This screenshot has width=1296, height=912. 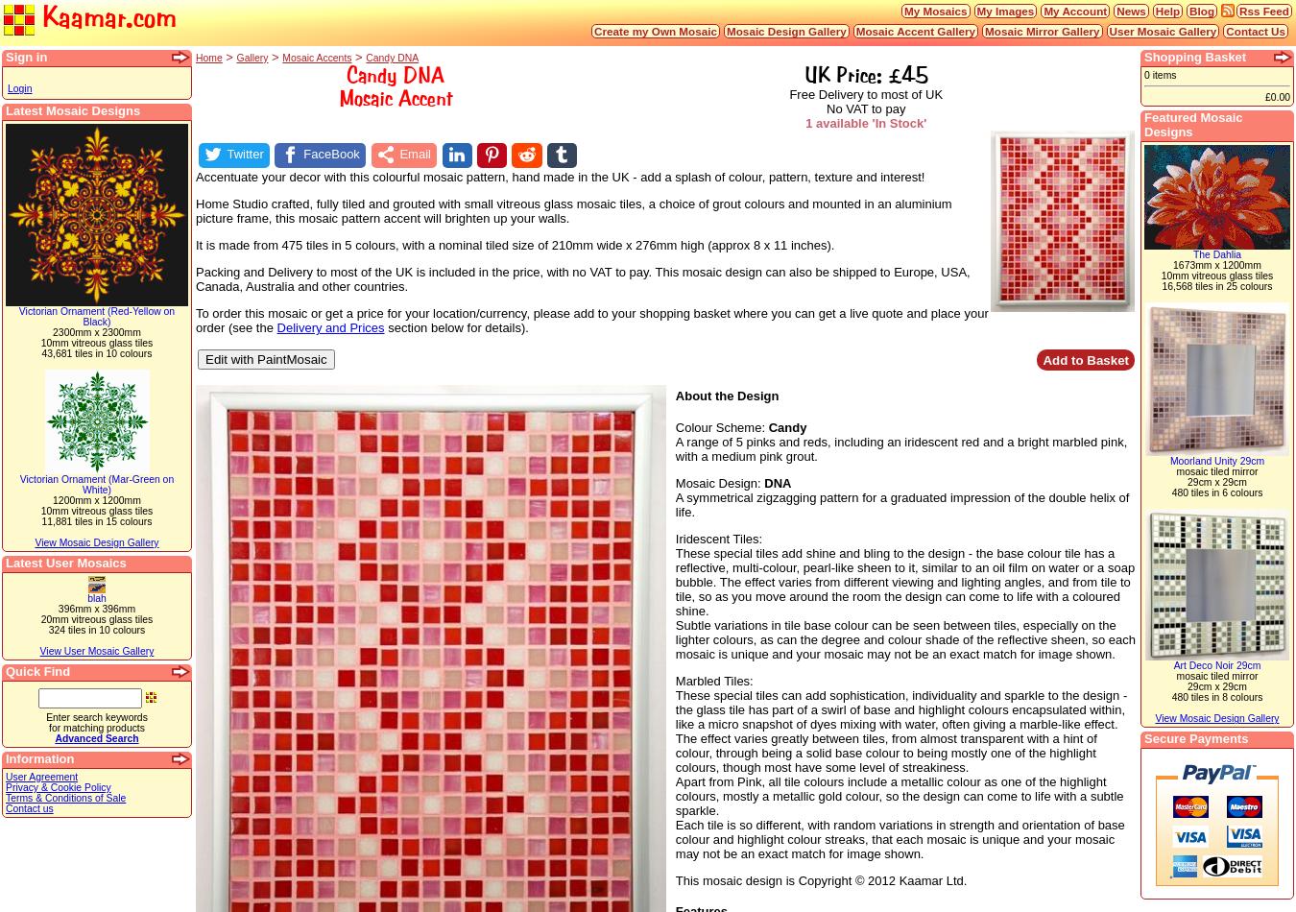 I want to click on '16,568 tiles in 25 colours', so click(x=1216, y=285).